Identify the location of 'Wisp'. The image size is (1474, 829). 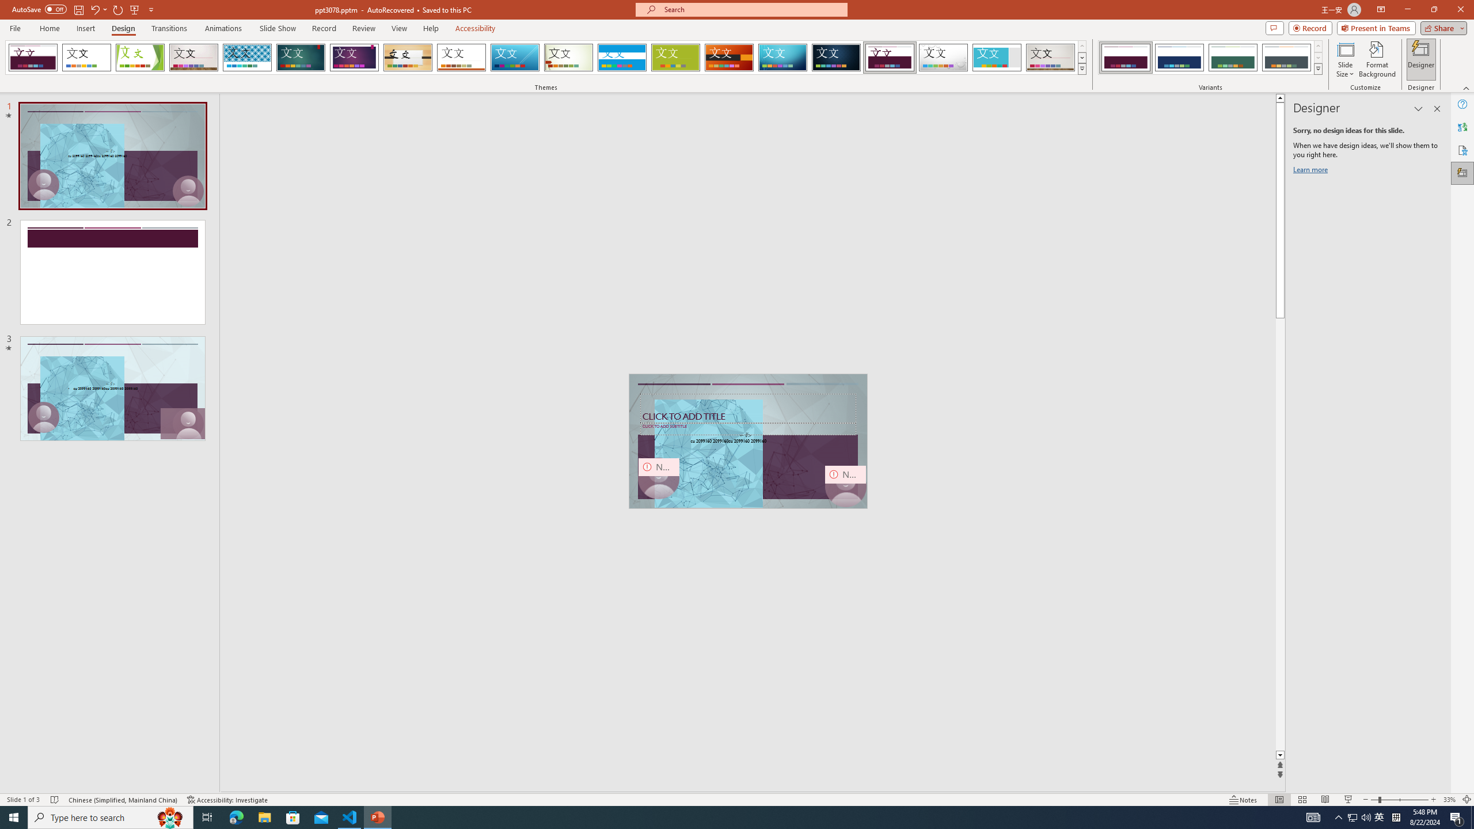
(568, 57).